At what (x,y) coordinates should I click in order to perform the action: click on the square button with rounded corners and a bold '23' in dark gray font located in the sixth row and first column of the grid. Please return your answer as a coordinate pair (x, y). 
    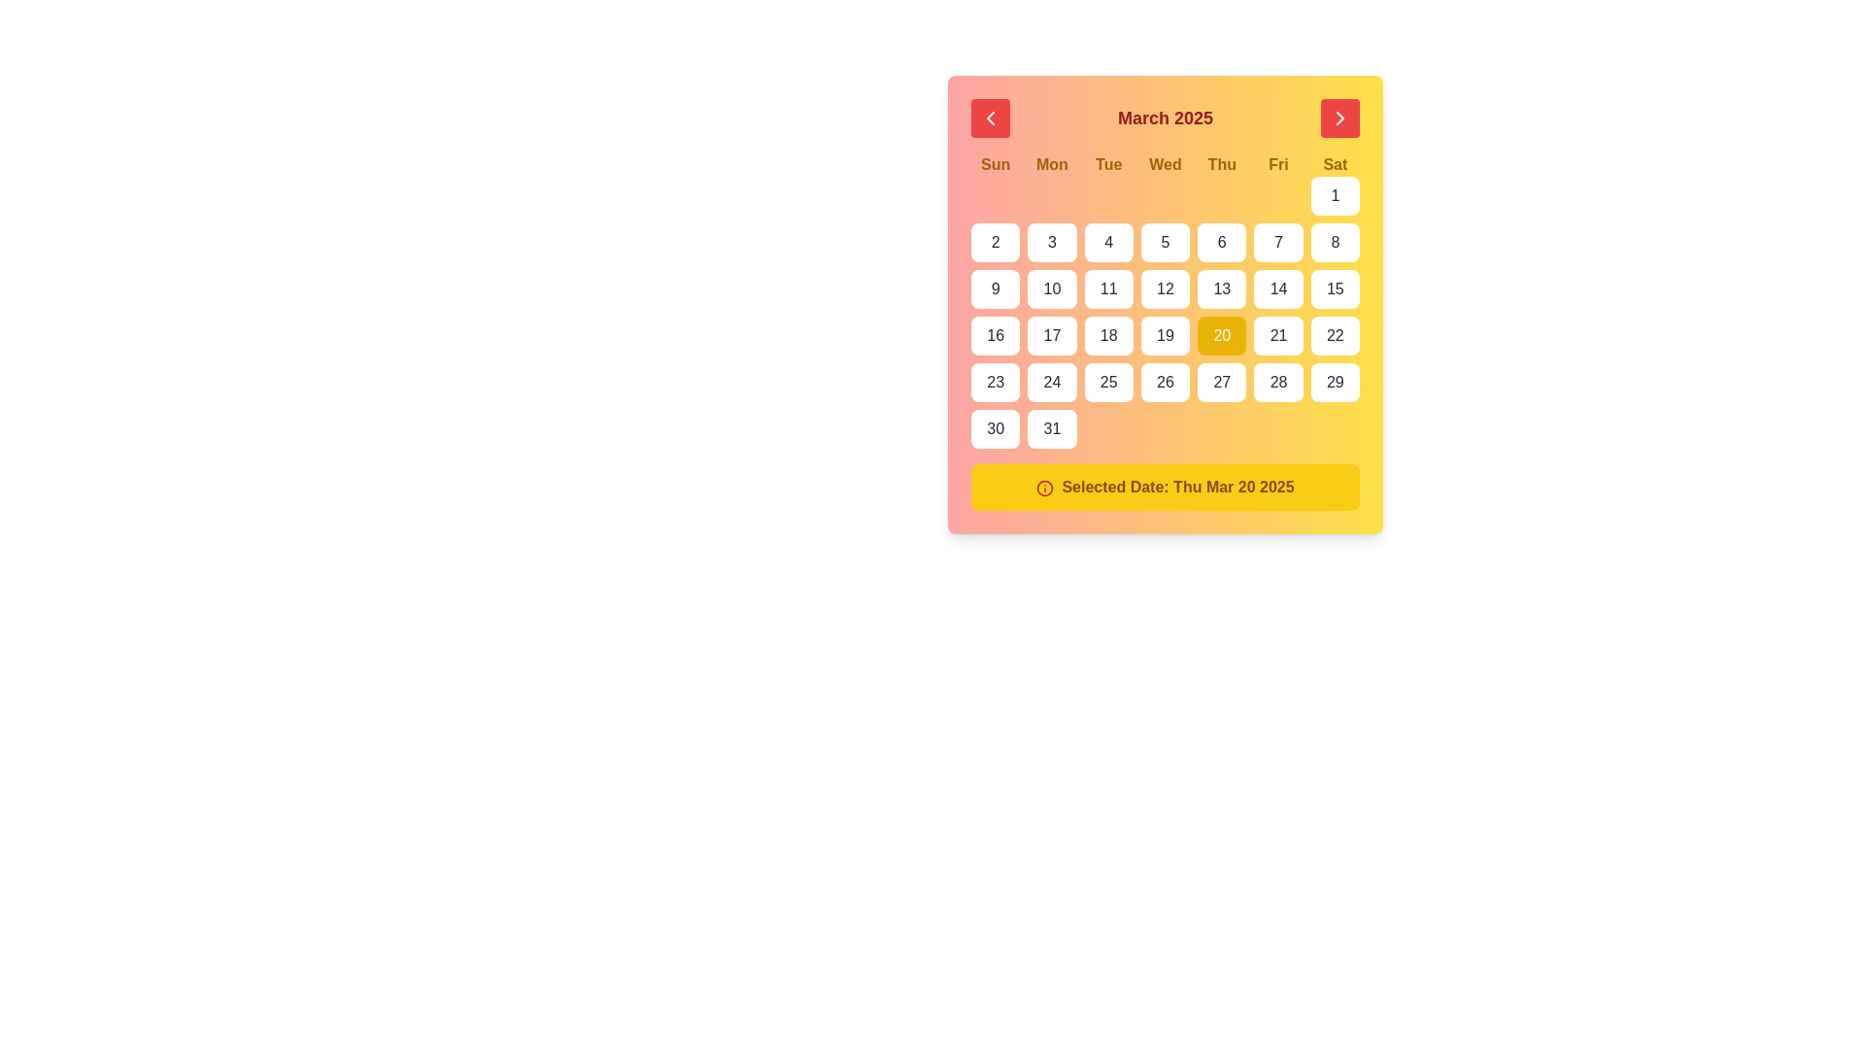
    Looking at the image, I should click on (996, 382).